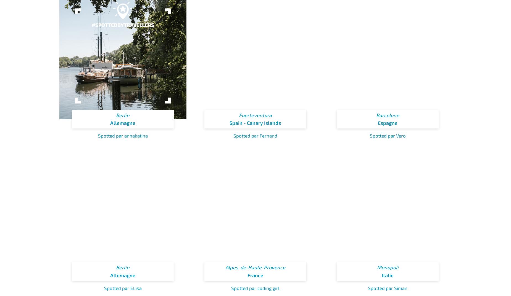 The image size is (511, 296). Describe the element at coordinates (255, 123) in the screenshot. I see `'Spain - Canary Islands'` at that location.